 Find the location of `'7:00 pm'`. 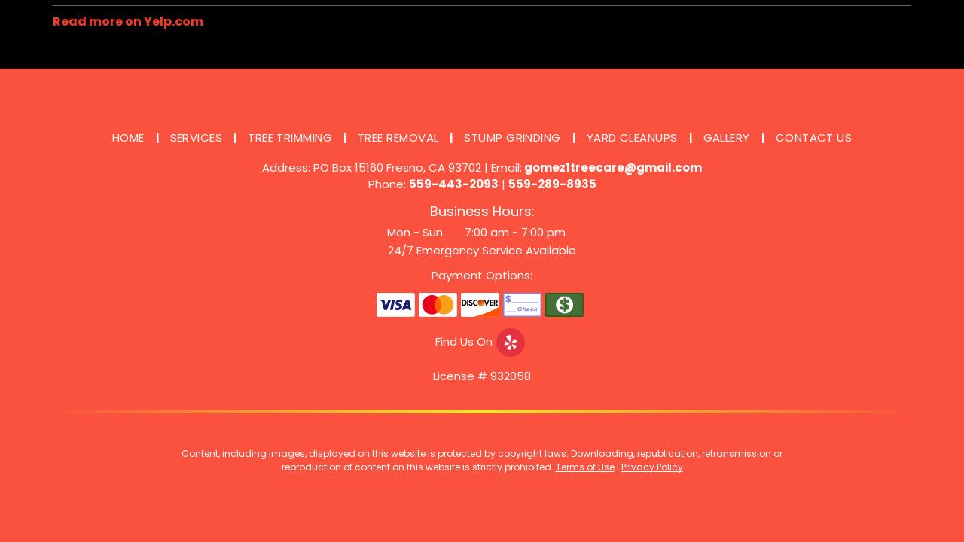

'7:00 pm' is located at coordinates (542, 231).